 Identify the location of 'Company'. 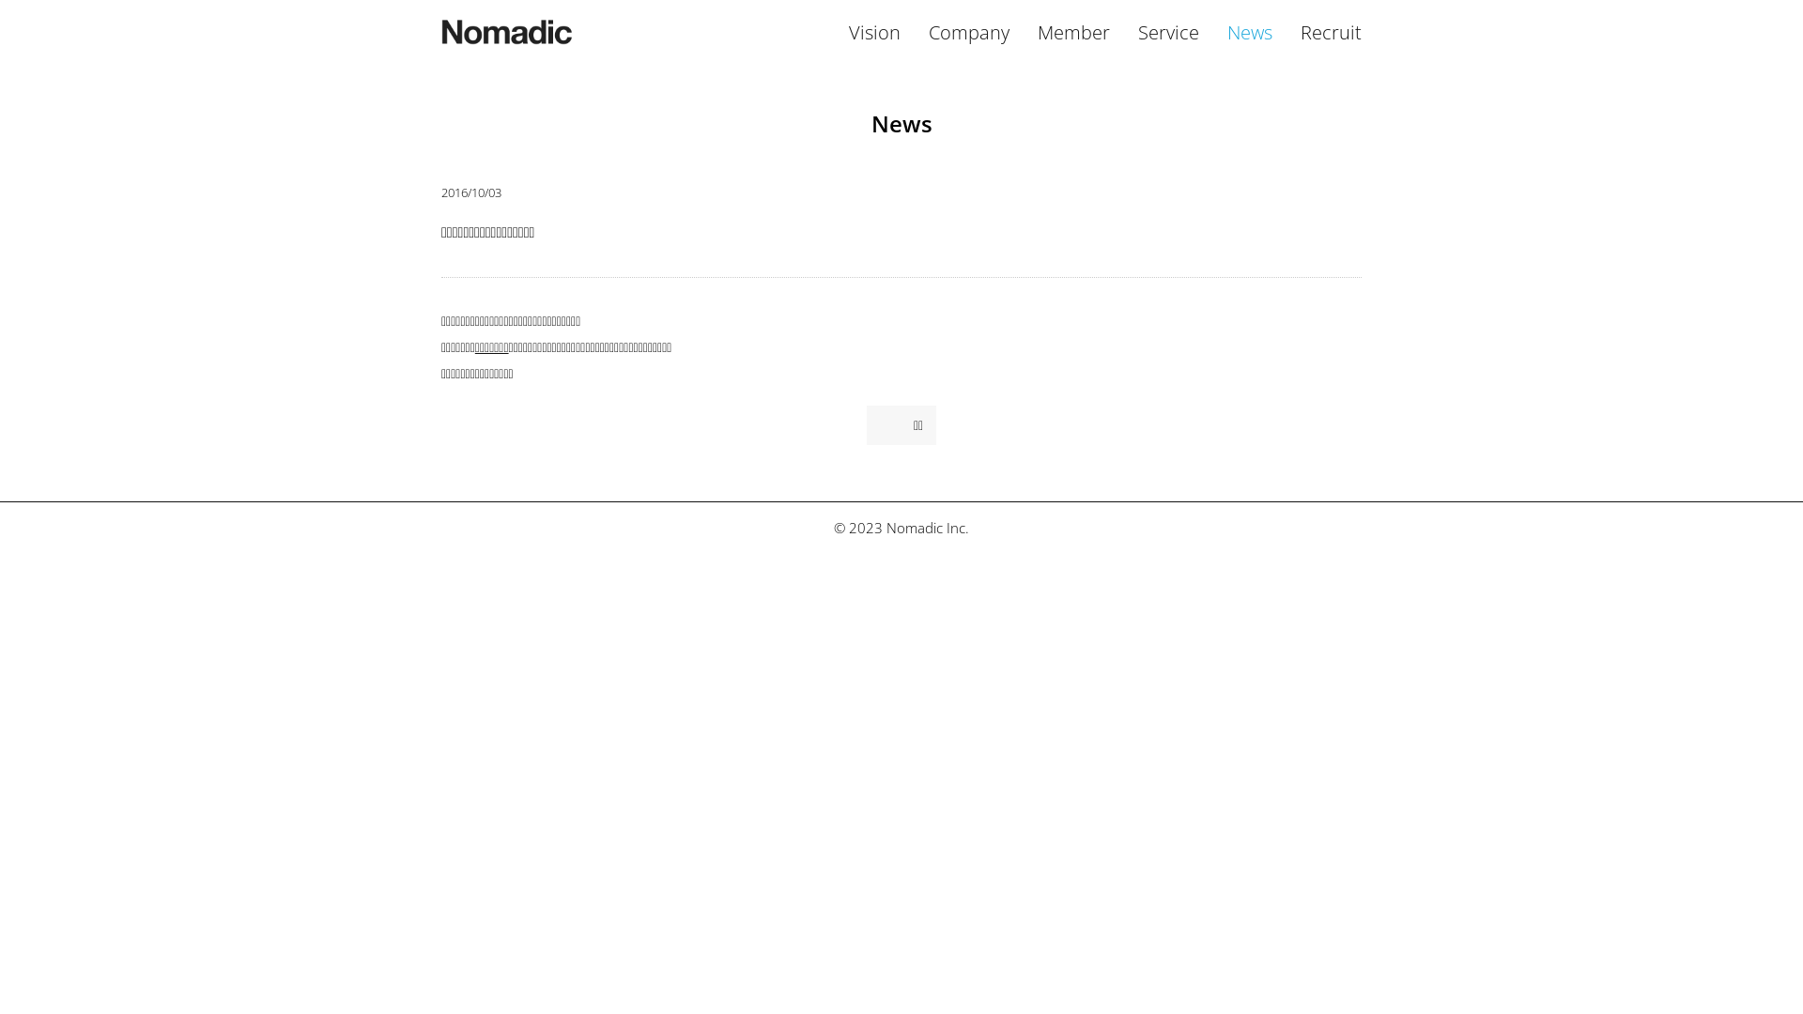
(969, 32).